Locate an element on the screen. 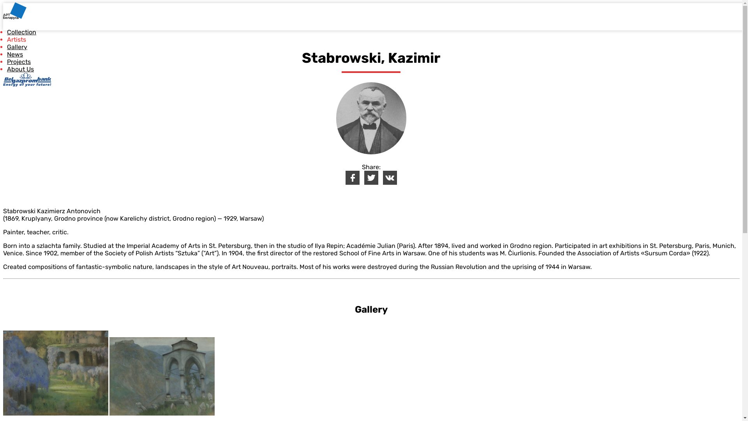  'Initiator' is located at coordinates (27, 80).